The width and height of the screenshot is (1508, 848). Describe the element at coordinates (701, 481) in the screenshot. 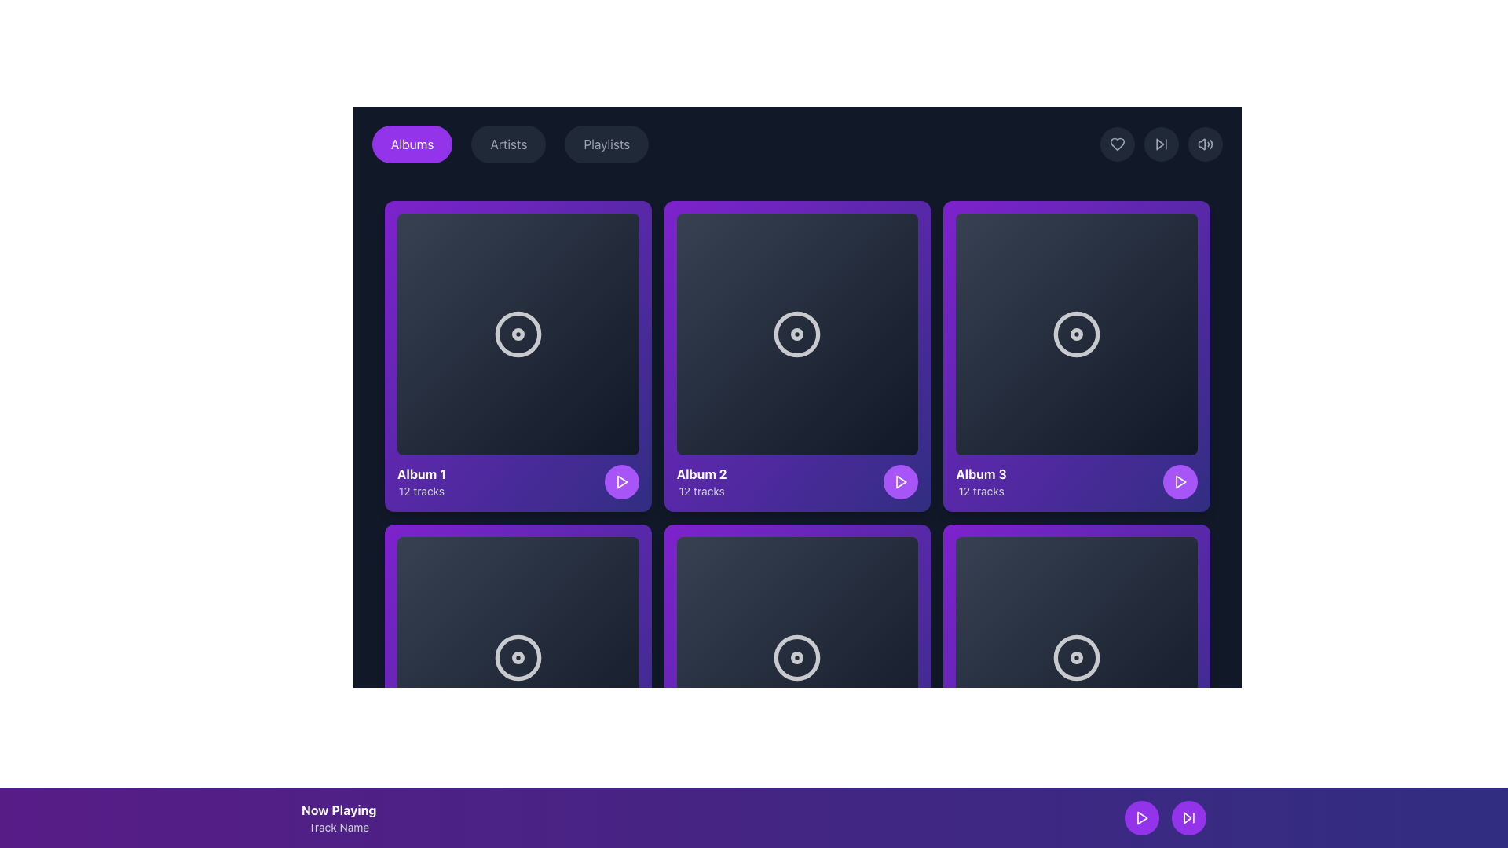

I see `the static text label that displays the album title 'Album 2' and the number of tracks '12 tracks', located in the second column of the first row in the album grid` at that location.